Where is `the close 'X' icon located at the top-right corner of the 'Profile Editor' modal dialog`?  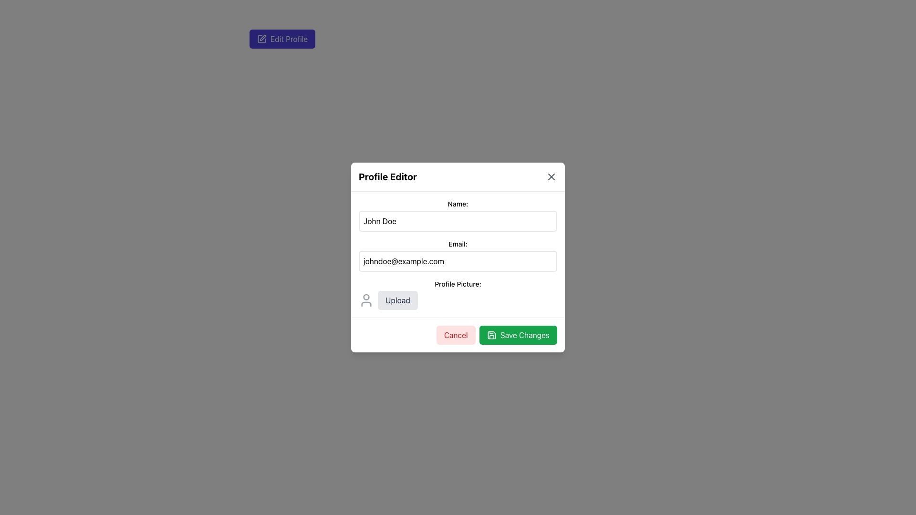 the close 'X' icon located at the top-right corner of the 'Profile Editor' modal dialog is located at coordinates (552, 176).